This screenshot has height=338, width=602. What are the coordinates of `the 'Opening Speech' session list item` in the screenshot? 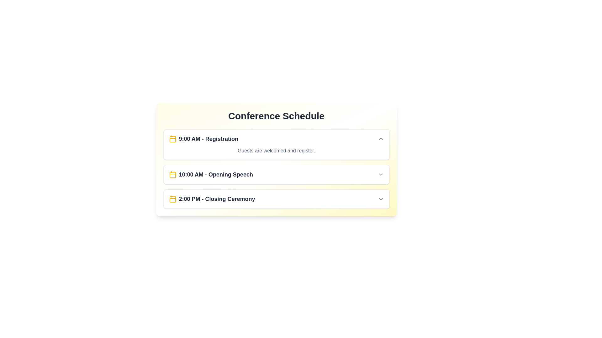 It's located at (276, 175).